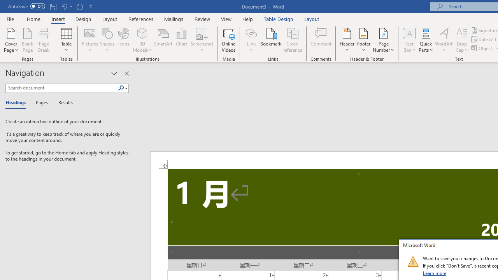 The image size is (498, 280). What do you see at coordinates (79, 6) in the screenshot?
I see `'Repeat Doc Close'` at bounding box center [79, 6].